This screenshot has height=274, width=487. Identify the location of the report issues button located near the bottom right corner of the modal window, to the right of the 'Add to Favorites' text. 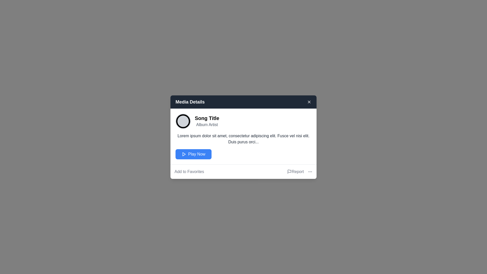
(295, 171).